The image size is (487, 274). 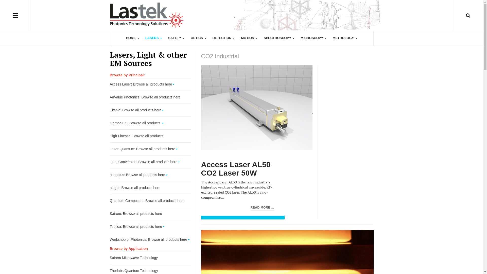 I want to click on 'AdValue Photonics: Browse all products here', so click(x=109, y=97).